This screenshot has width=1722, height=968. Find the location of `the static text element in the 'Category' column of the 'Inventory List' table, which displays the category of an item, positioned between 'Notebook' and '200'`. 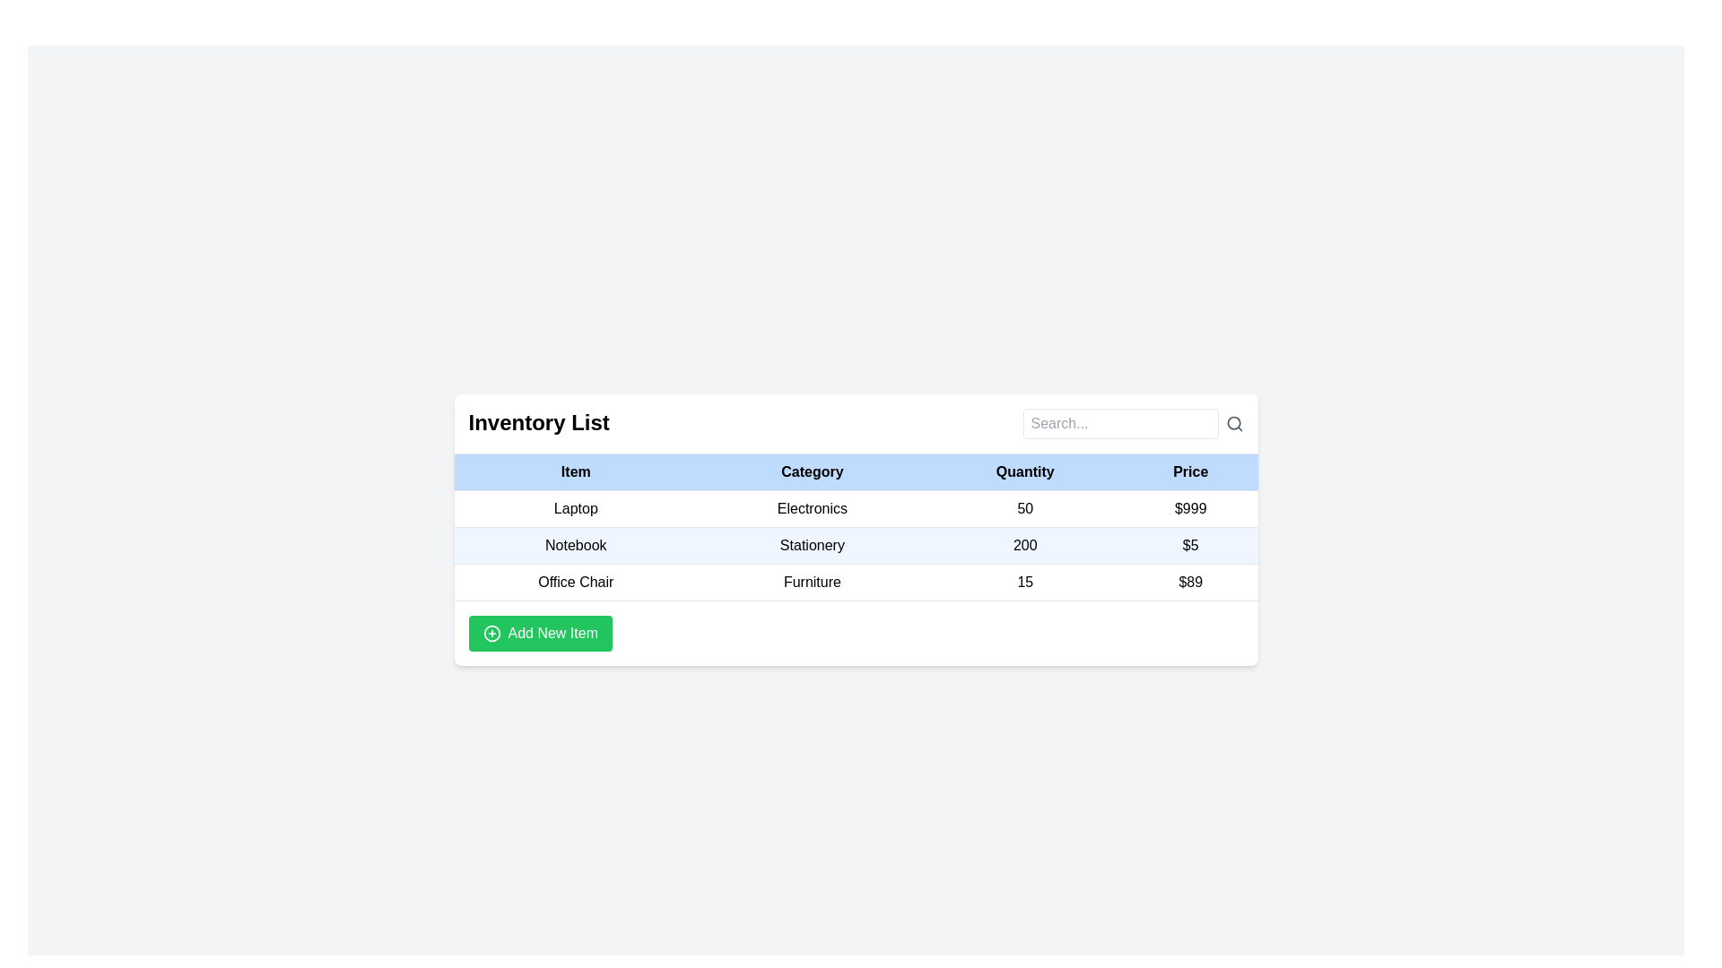

the static text element in the 'Category' column of the 'Inventory List' table, which displays the category of an item, positioned between 'Notebook' and '200' is located at coordinates (811, 544).